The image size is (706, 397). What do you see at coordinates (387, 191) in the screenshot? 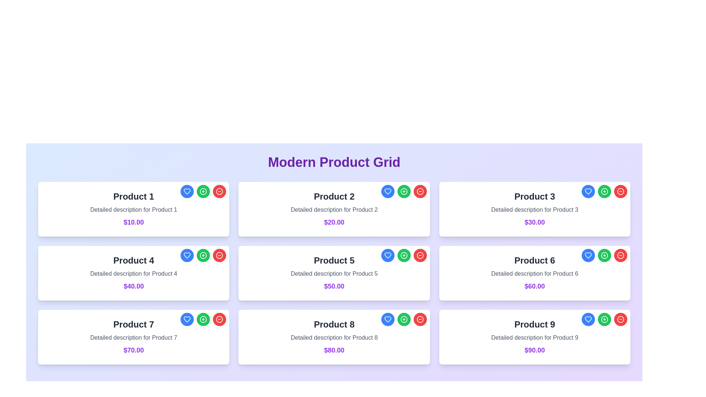
I see `the leftmost circular button in the group of three at the top-right corner of the 'Product 2' card to like or favorite the item` at bounding box center [387, 191].